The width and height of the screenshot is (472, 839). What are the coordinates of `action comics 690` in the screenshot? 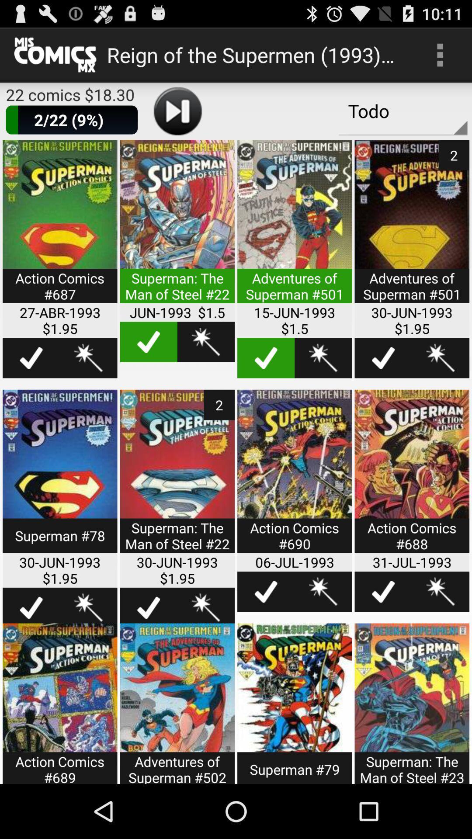 It's located at (295, 476).